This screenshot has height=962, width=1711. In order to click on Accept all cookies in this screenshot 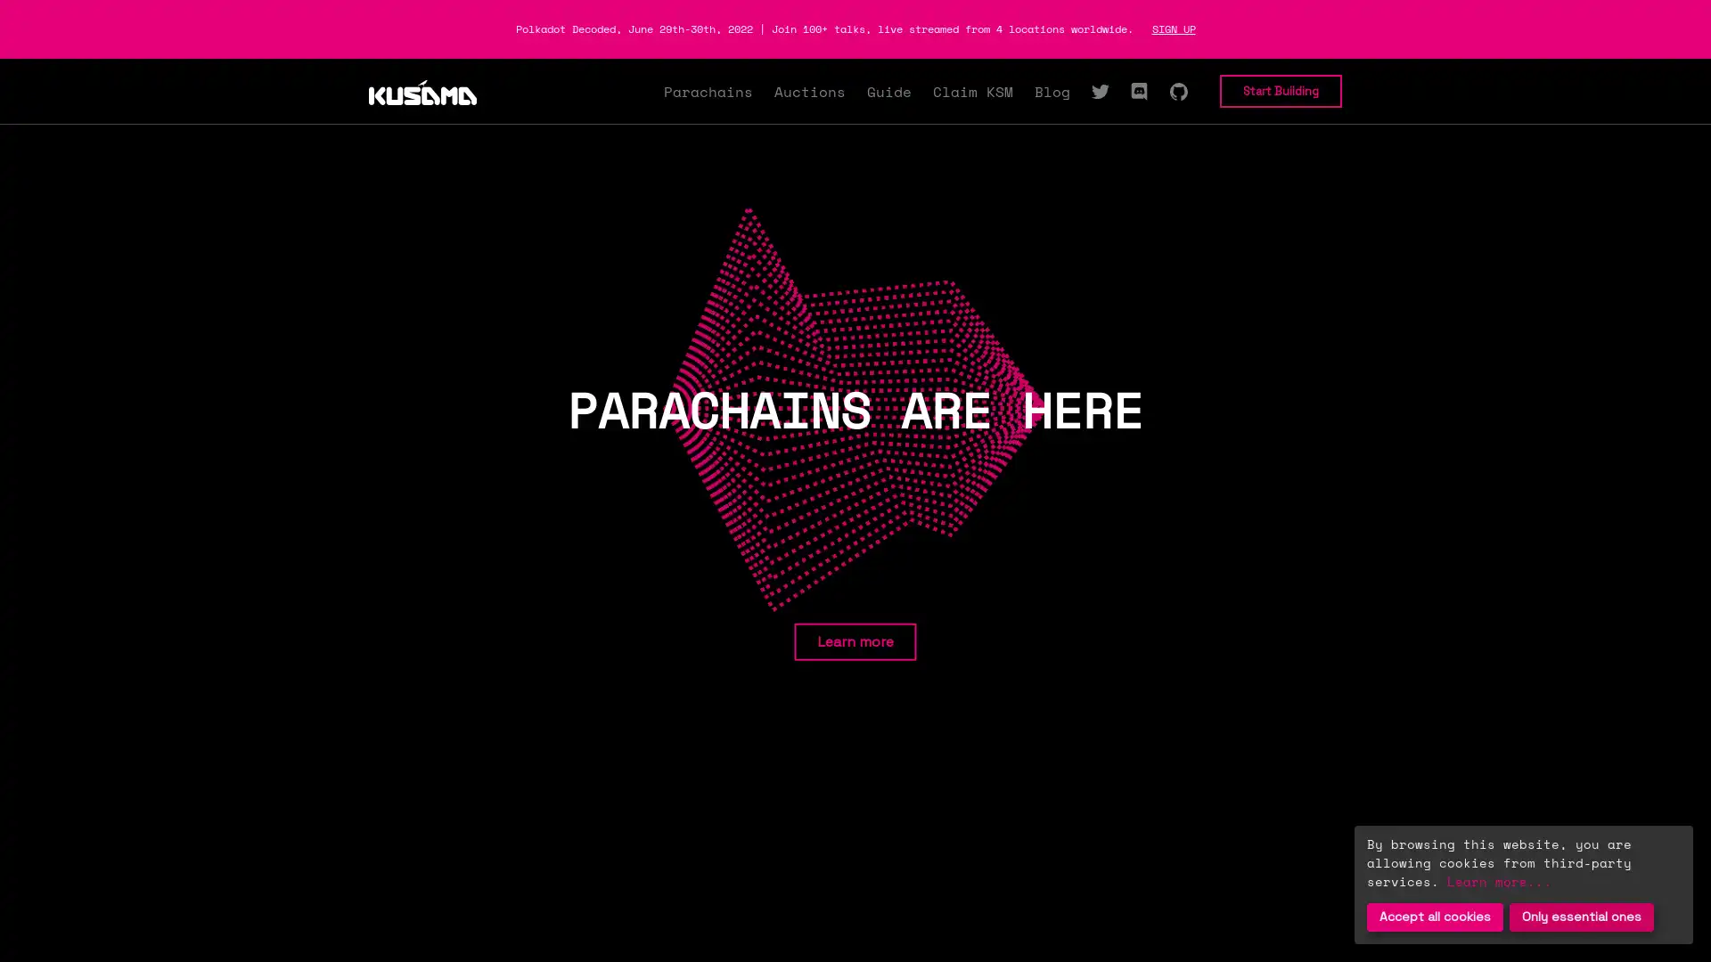, I will do `click(1435, 917)`.